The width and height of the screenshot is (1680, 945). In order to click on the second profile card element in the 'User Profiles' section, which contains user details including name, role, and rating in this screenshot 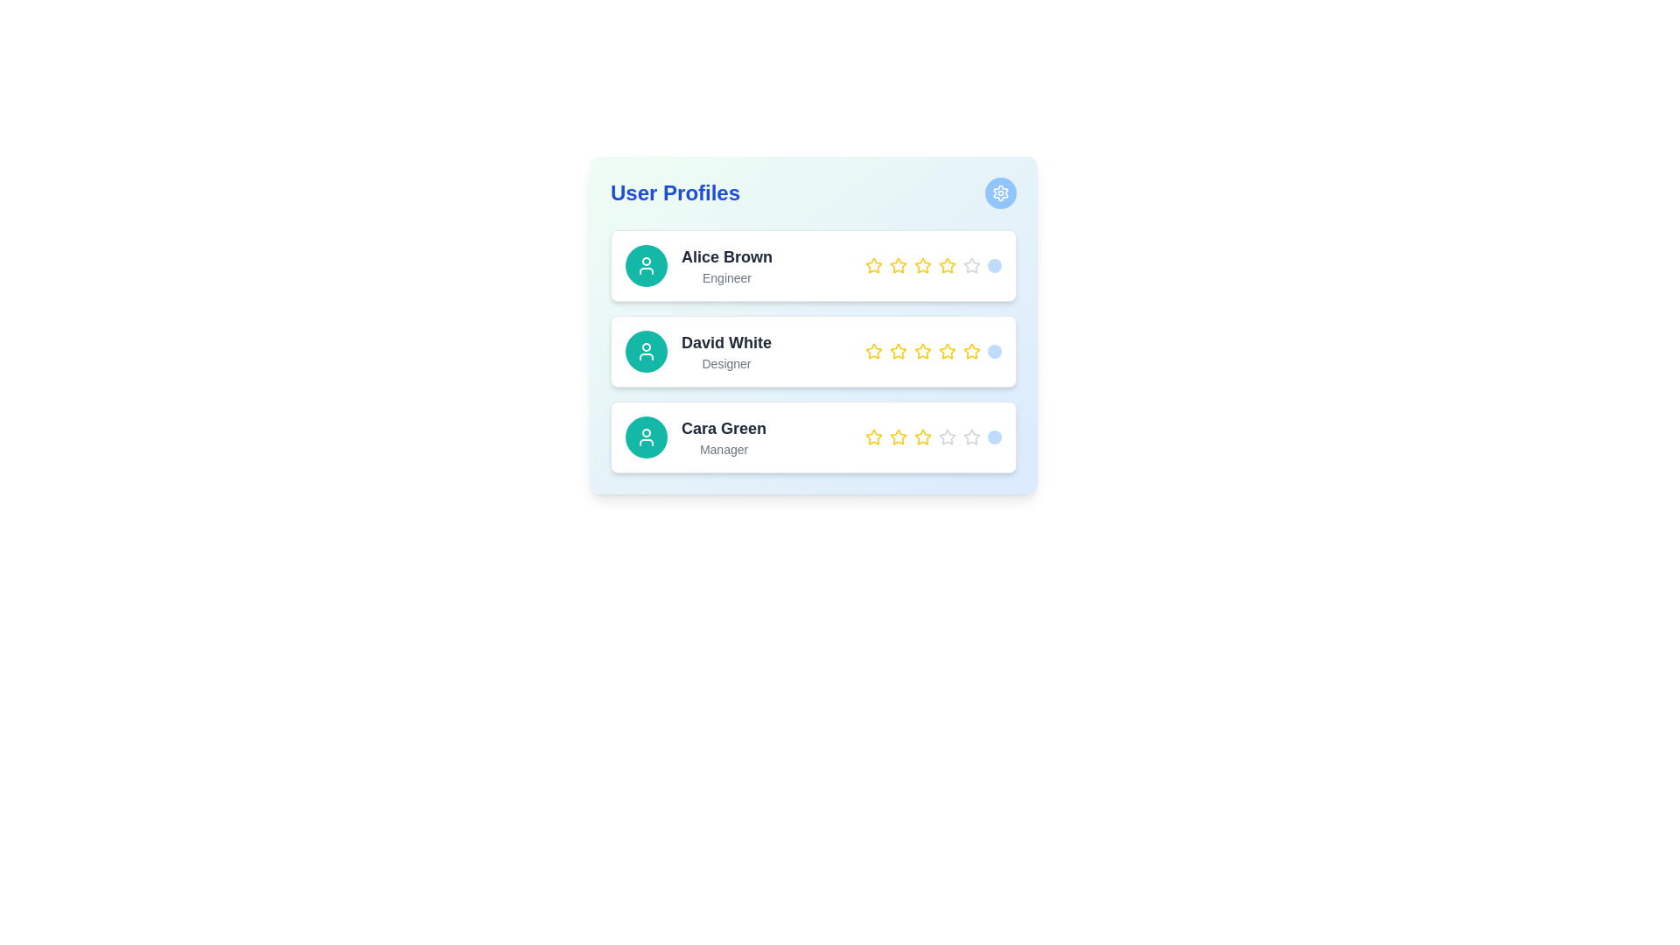, I will do `click(813, 351)`.